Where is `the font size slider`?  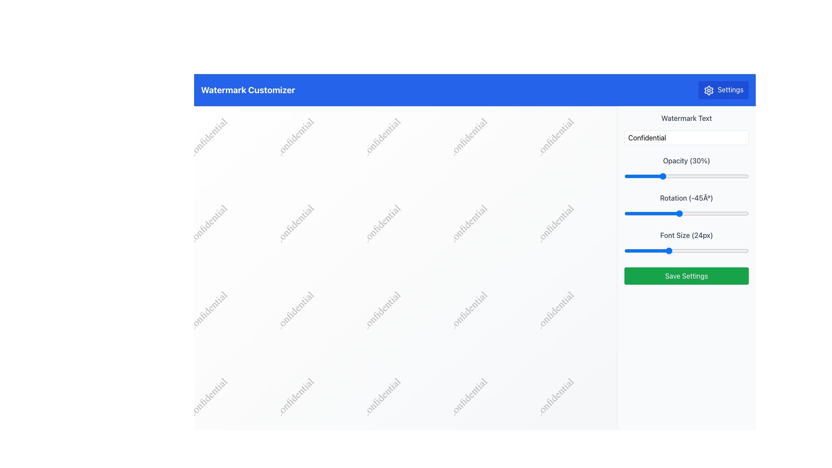 the font size slider is located at coordinates (745, 250).